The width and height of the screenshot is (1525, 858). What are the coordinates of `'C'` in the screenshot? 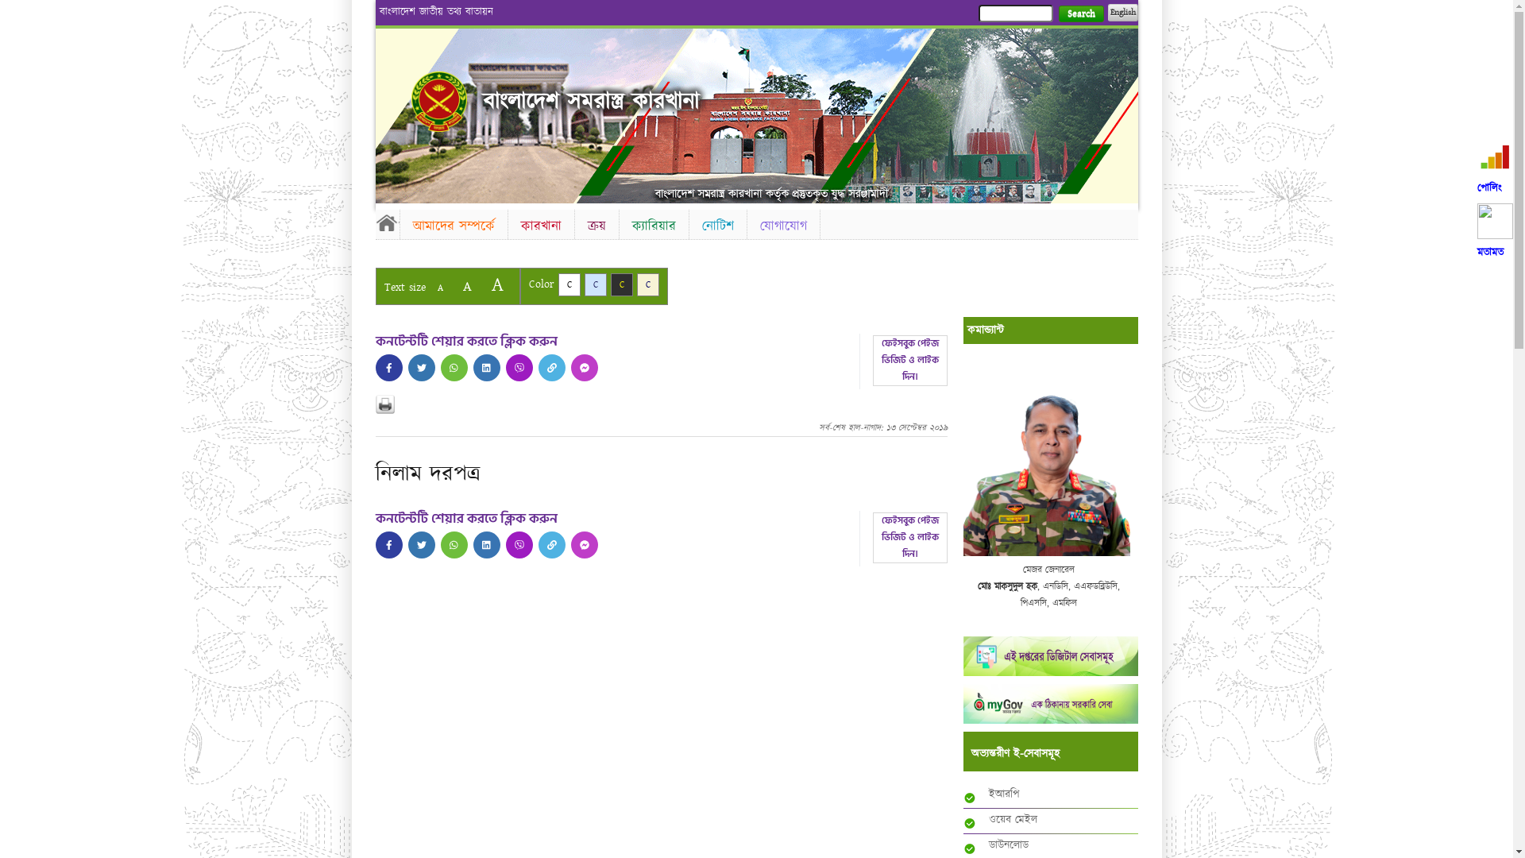 It's located at (557, 284).